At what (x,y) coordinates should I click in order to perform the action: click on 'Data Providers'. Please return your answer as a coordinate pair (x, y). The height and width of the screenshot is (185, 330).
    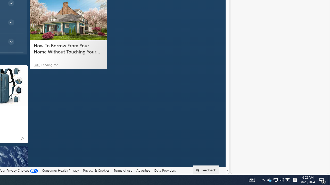
    Looking at the image, I should click on (165, 170).